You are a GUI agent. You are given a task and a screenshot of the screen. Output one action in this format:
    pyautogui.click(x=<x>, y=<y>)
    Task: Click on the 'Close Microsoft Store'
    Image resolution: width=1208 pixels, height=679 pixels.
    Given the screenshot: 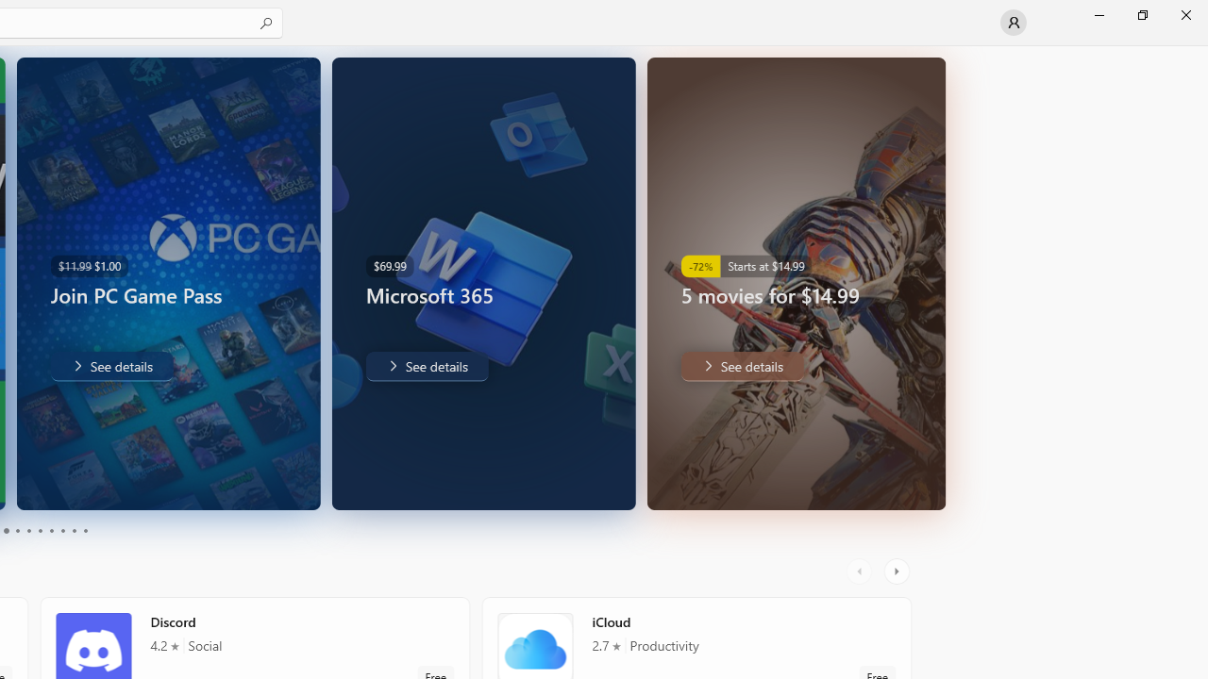 What is the action you would take?
    pyautogui.click(x=1184, y=14)
    